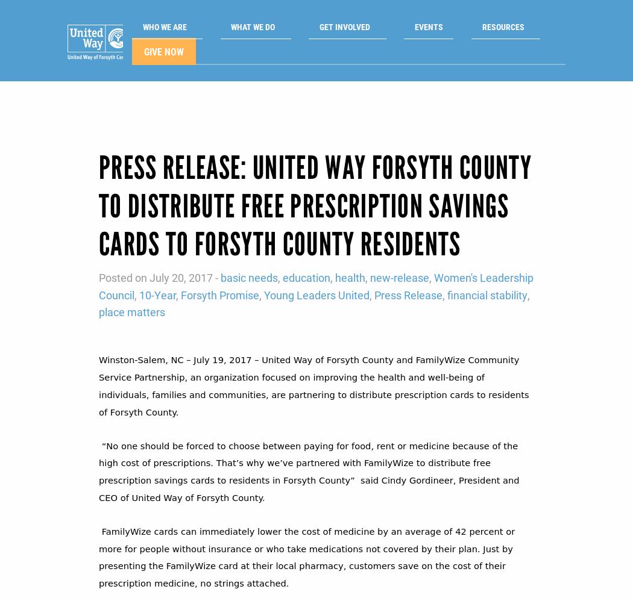 The height and width of the screenshot is (601, 633). What do you see at coordinates (316, 274) in the screenshot?
I see `'Young Leaders United'` at bounding box center [316, 274].